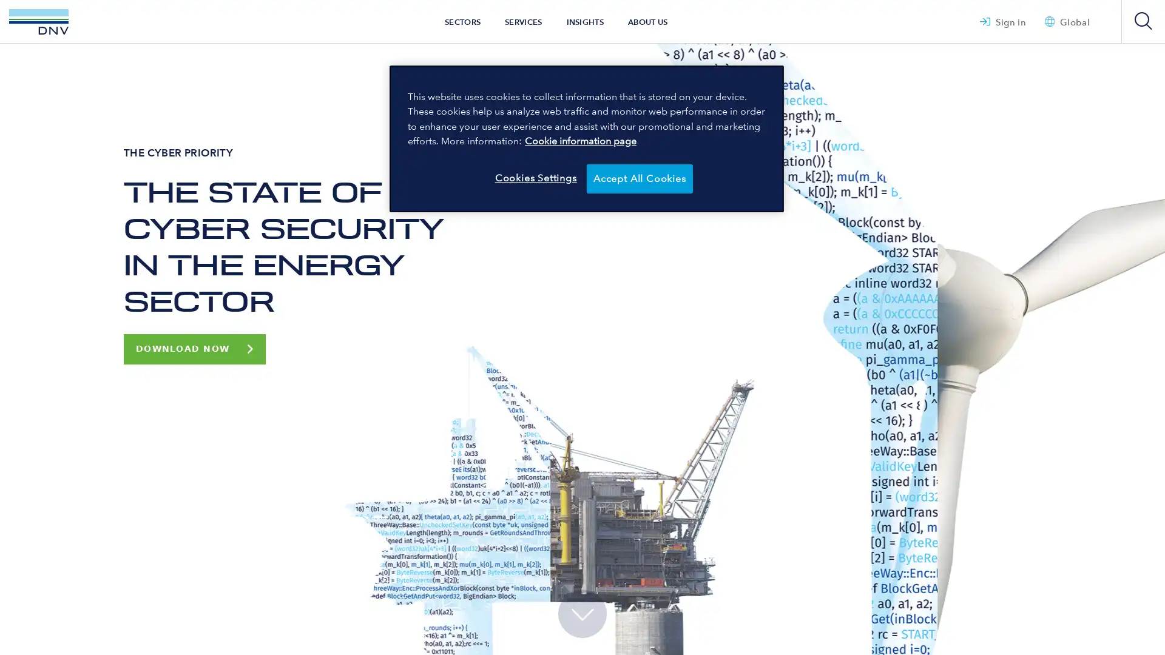 This screenshot has width=1165, height=655. Describe the element at coordinates (639, 178) in the screenshot. I see `Accept All Cookies` at that location.